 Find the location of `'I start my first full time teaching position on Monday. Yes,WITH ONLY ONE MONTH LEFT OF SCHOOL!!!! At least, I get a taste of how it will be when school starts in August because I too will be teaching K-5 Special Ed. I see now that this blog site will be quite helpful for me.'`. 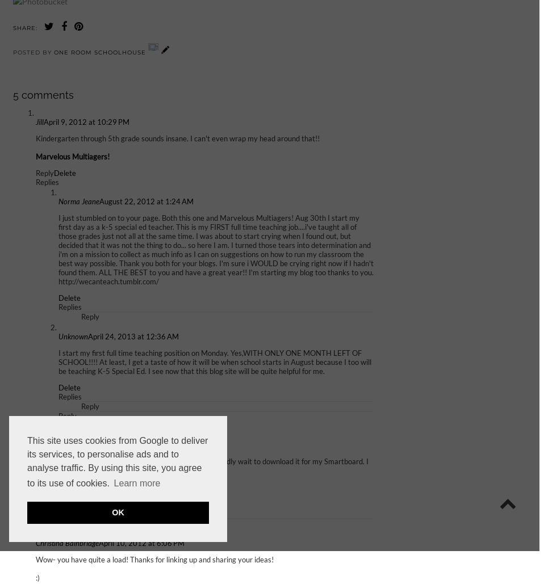

'I start my first full time teaching position on Monday. Yes,WITH ONLY ONE MONTH LEFT OF SCHOOL!!!! At least, I get a taste of how it will be when school starts in August because I too will be teaching K-5 Special Ed. I see now that this blog site will be quite helpful for me.' is located at coordinates (214, 362).